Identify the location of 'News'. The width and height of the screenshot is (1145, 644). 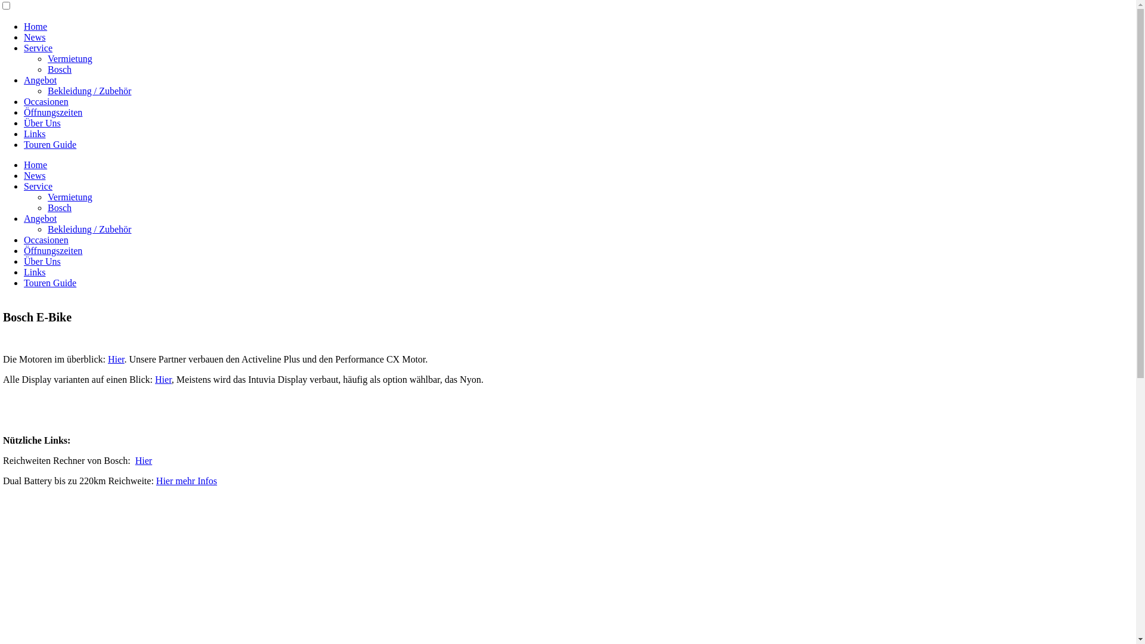
(34, 175).